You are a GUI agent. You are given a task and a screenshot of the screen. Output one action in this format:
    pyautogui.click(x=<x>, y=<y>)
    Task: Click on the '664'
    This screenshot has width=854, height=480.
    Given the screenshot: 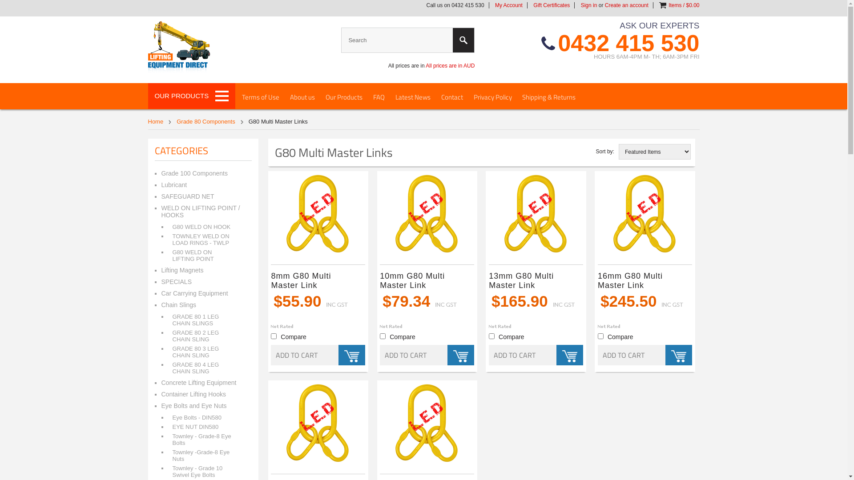 What is the action you would take?
    pyautogui.click(x=380, y=336)
    